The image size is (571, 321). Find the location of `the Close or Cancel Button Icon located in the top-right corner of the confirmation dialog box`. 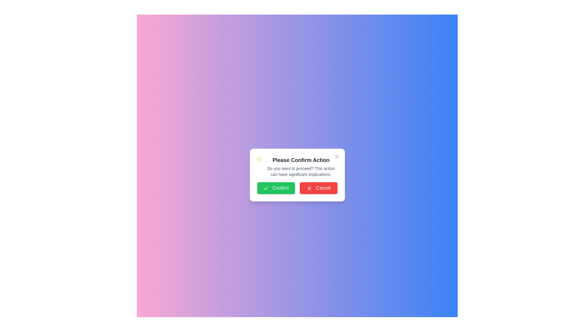

the Close or Cancel Button Icon located in the top-right corner of the confirmation dialog box is located at coordinates (337, 156).